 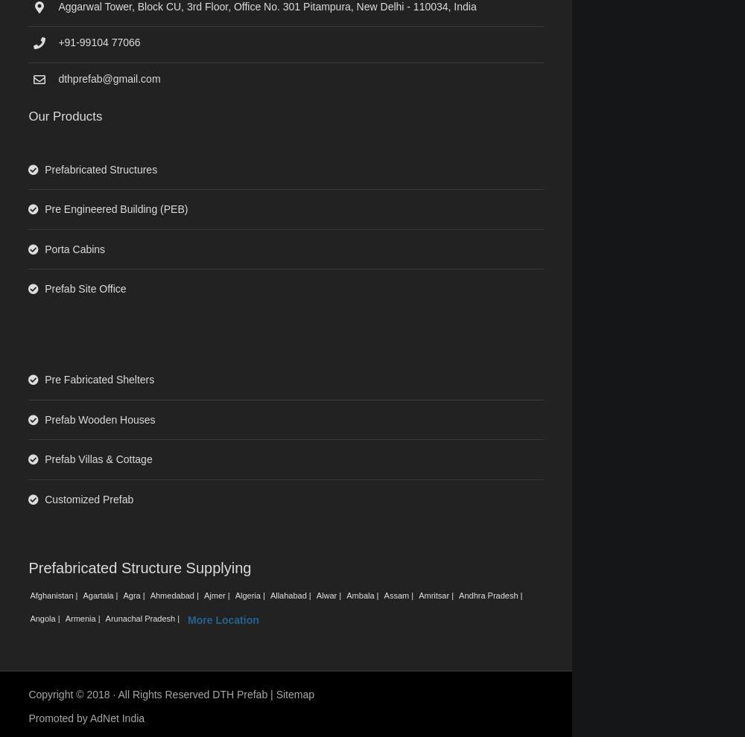 What do you see at coordinates (250, 595) in the screenshot?
I see `'Algeria |'` at bounding box center [250, 595].